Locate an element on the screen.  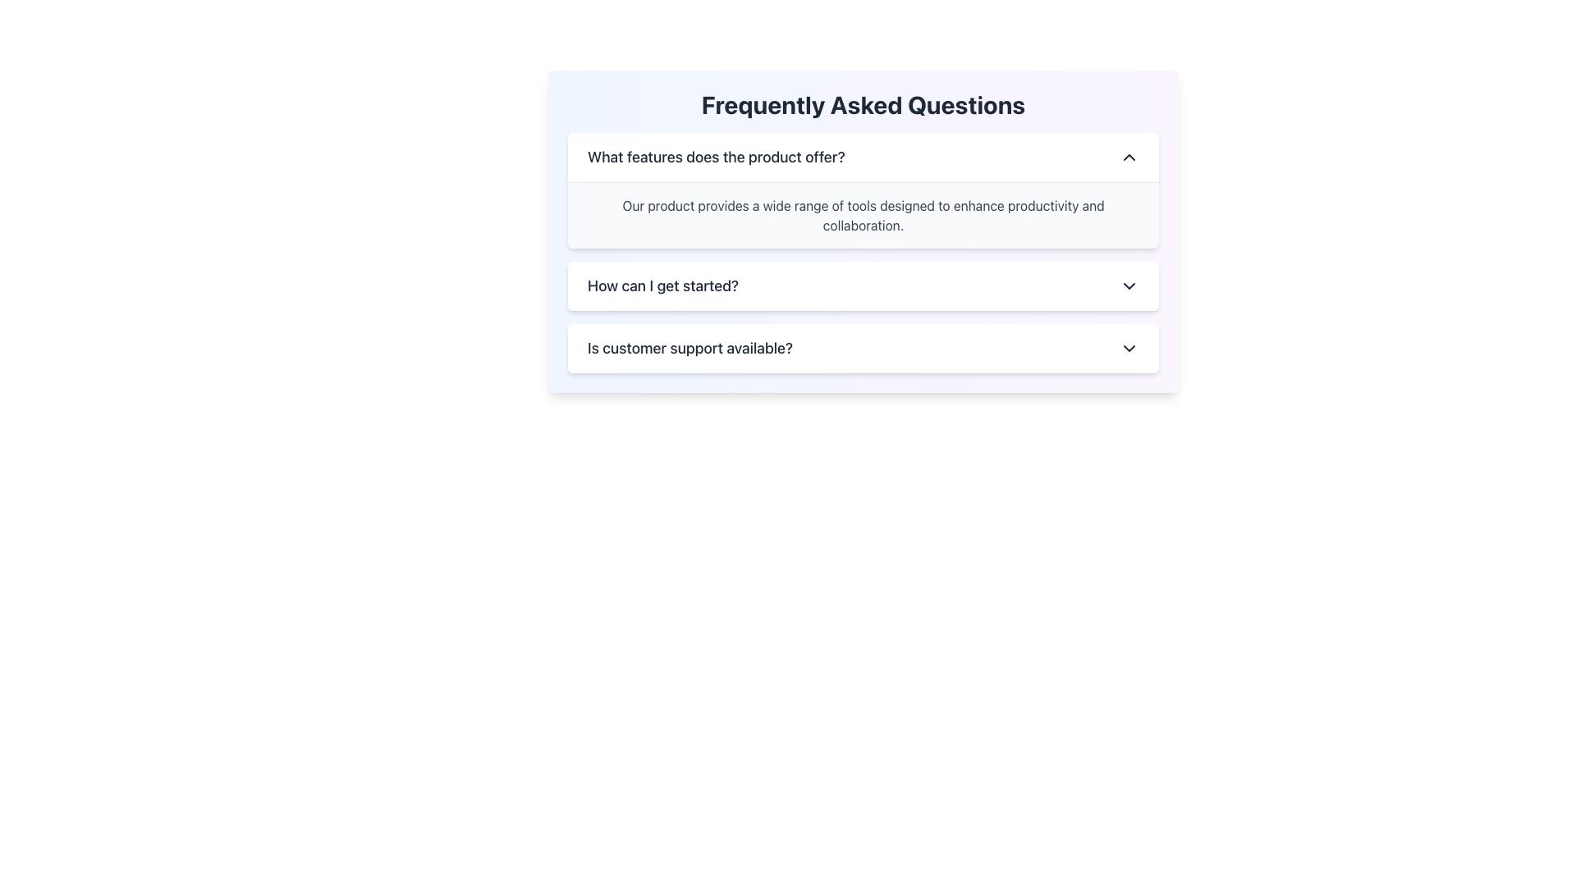
the chevron icon that indicates an expandable section, positioned to the extreme right of the text 'How can I get started?' is located at coordinates (1129, 285).